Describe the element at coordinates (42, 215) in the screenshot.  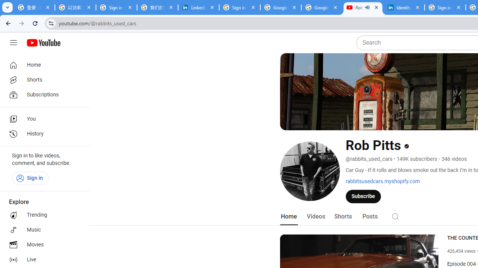
I see `'Trending'` at that location.